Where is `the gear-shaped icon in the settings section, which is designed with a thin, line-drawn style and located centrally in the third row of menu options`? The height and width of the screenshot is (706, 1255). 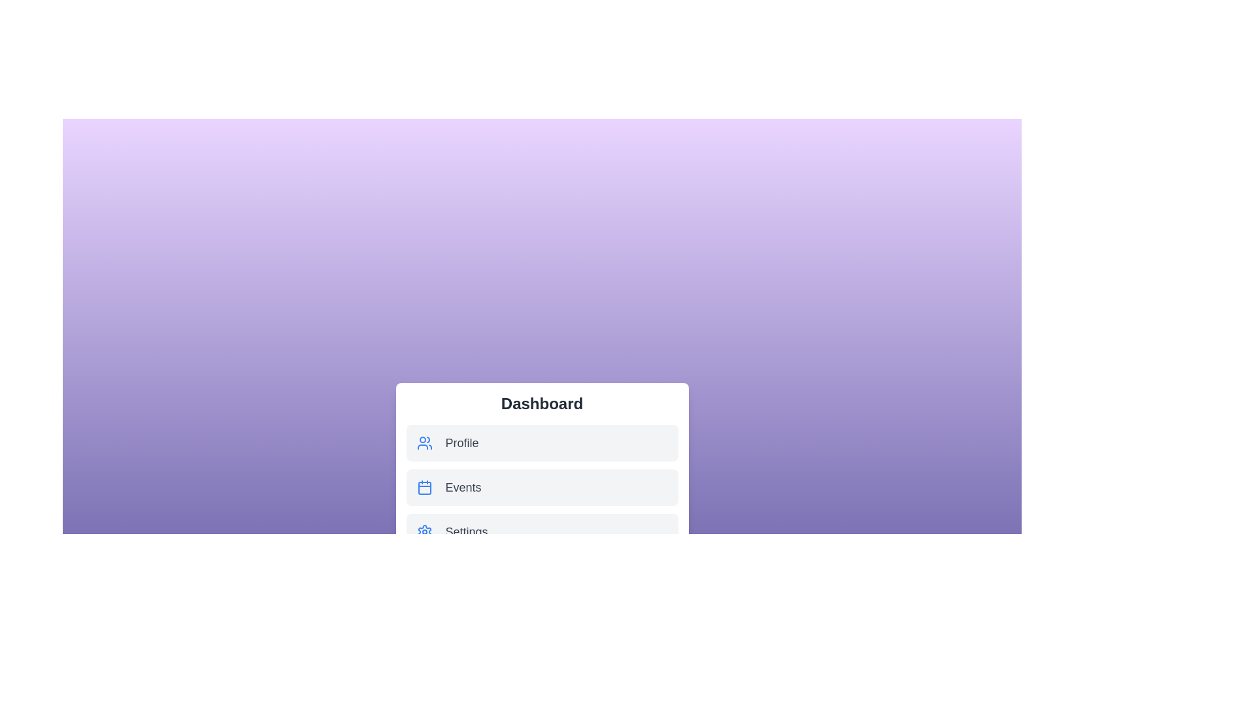 the gear-shaped icon in the settings section, which is designed with a thin, line-drawn style and located centrally in the third row of menu options is located at coordinates (424, 531).